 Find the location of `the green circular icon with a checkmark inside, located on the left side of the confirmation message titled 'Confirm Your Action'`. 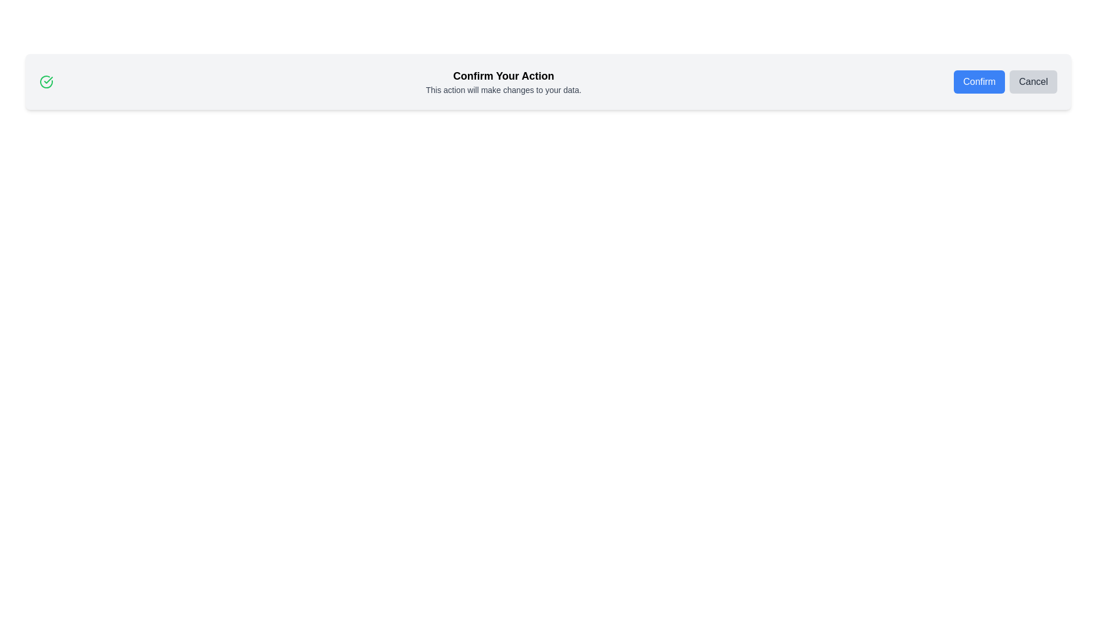

the green circular icon with a checkmark inside, located on the left side of the confirmation message titled 'Confirm Your Action' is located at coordinates (46, 81).